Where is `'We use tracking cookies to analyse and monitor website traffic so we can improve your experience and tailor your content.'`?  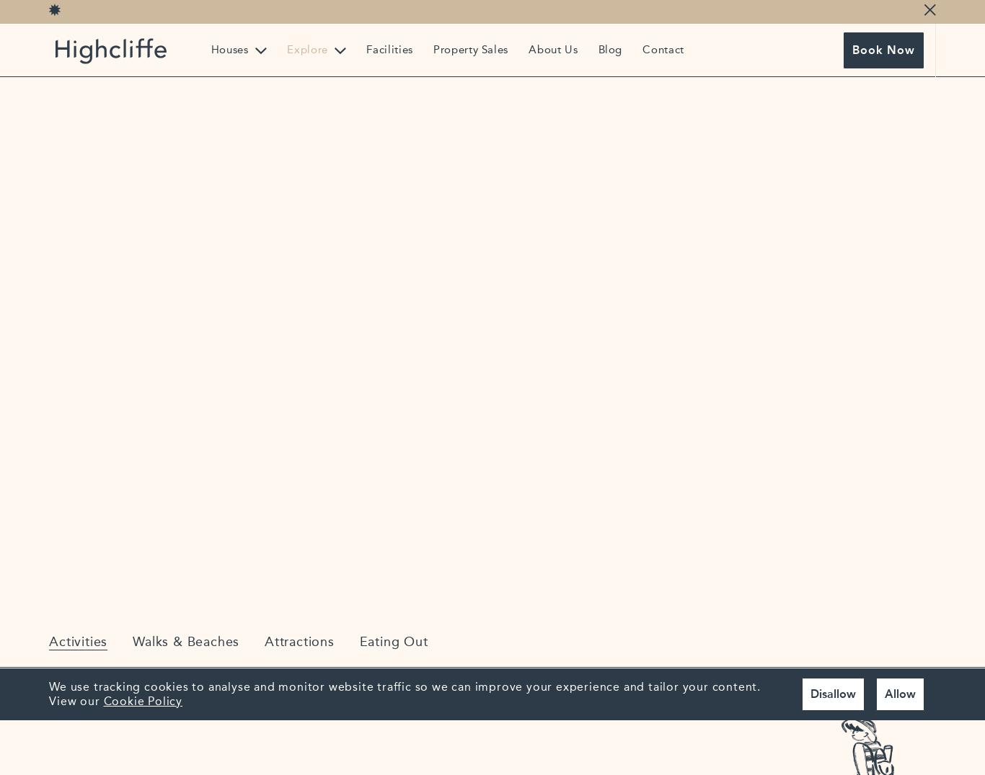 'We use tracking cookies to analyse and monitor website traffic so we can improve your experience and tailor your content.' is located at coordinates (405, 686).